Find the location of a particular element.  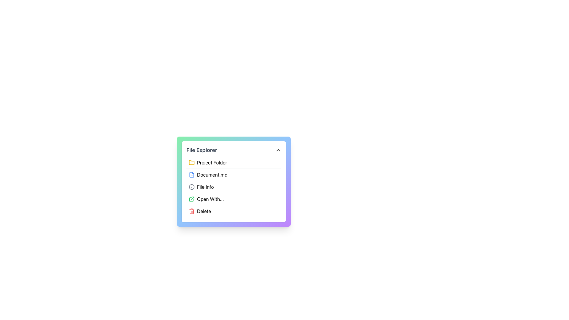

the 'Document.md' item in the File Explorer list is located at coordinates (233, 181).